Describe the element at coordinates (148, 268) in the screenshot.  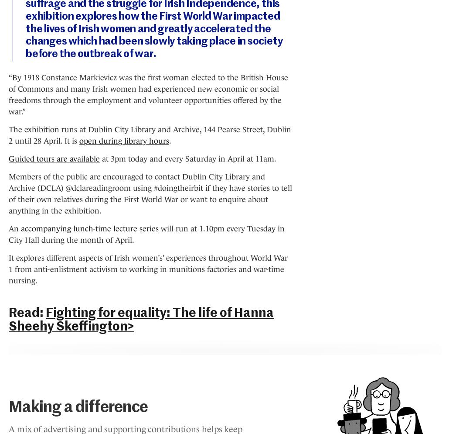
I see `'It explores different aspects of Irish women’s’ experiences throughout World War 1 from anti-enlistment activism to working in munitions factories and war-time nursing.'` at that location.